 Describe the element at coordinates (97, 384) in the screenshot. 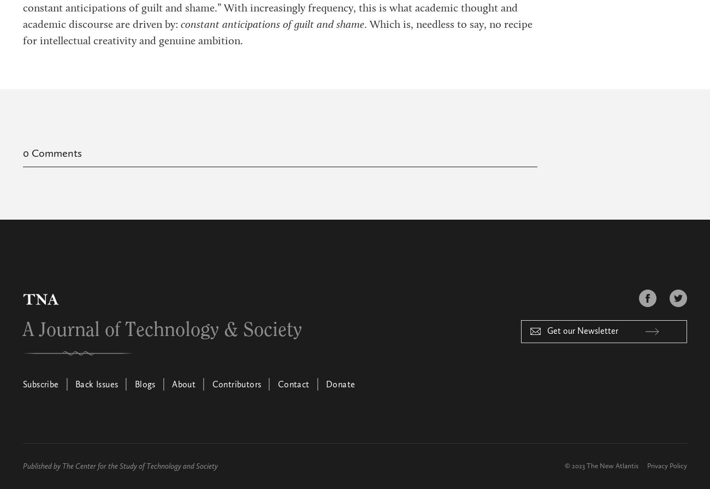

I see `'Back Issues'` at that location.